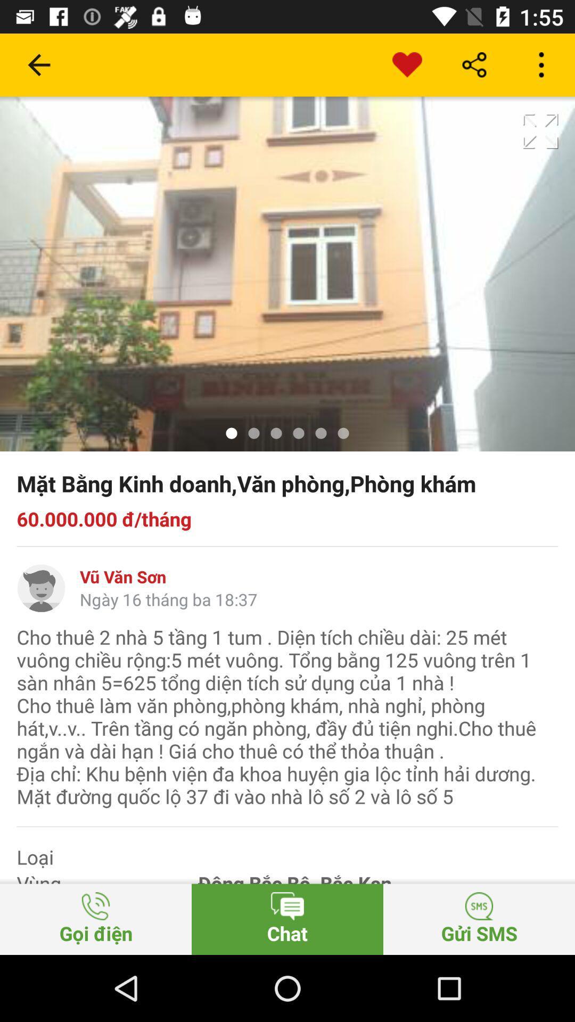  What do you see at coordinates (96, 919) in the screenshot?
I see `icon next to the chat item` at bounding box center [96, 919].